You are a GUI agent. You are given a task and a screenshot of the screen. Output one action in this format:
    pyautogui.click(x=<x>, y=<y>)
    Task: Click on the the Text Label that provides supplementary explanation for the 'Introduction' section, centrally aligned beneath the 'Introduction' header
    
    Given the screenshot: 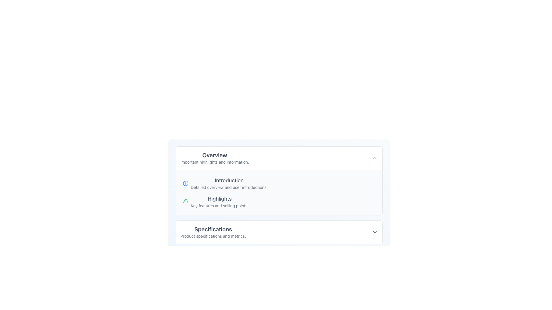 What is the action you would take?
    pyautogui.click(x=229, y=187)
    